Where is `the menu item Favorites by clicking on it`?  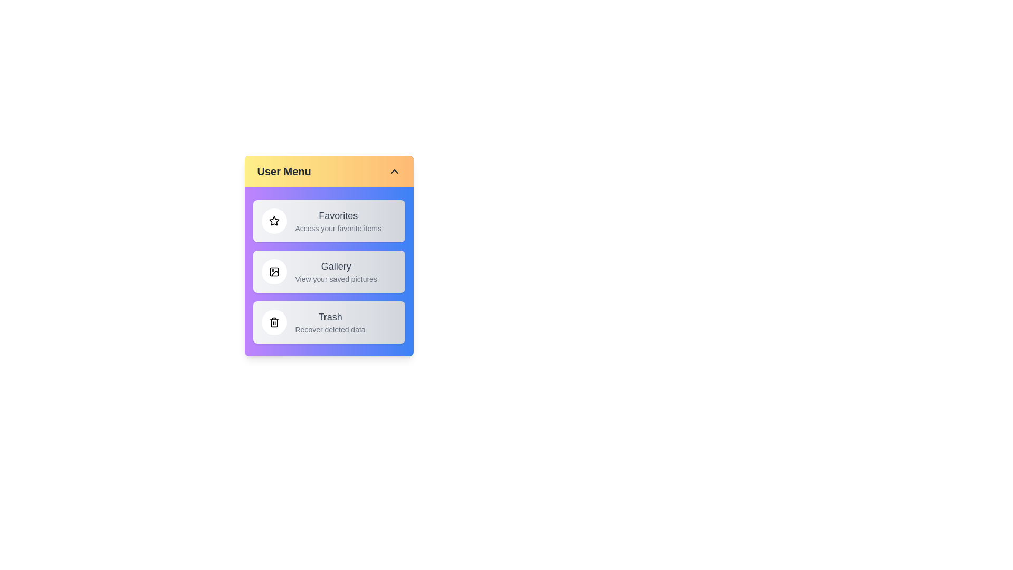
the menu item Favorites by clicking on it is located at coordinates (328, 221).